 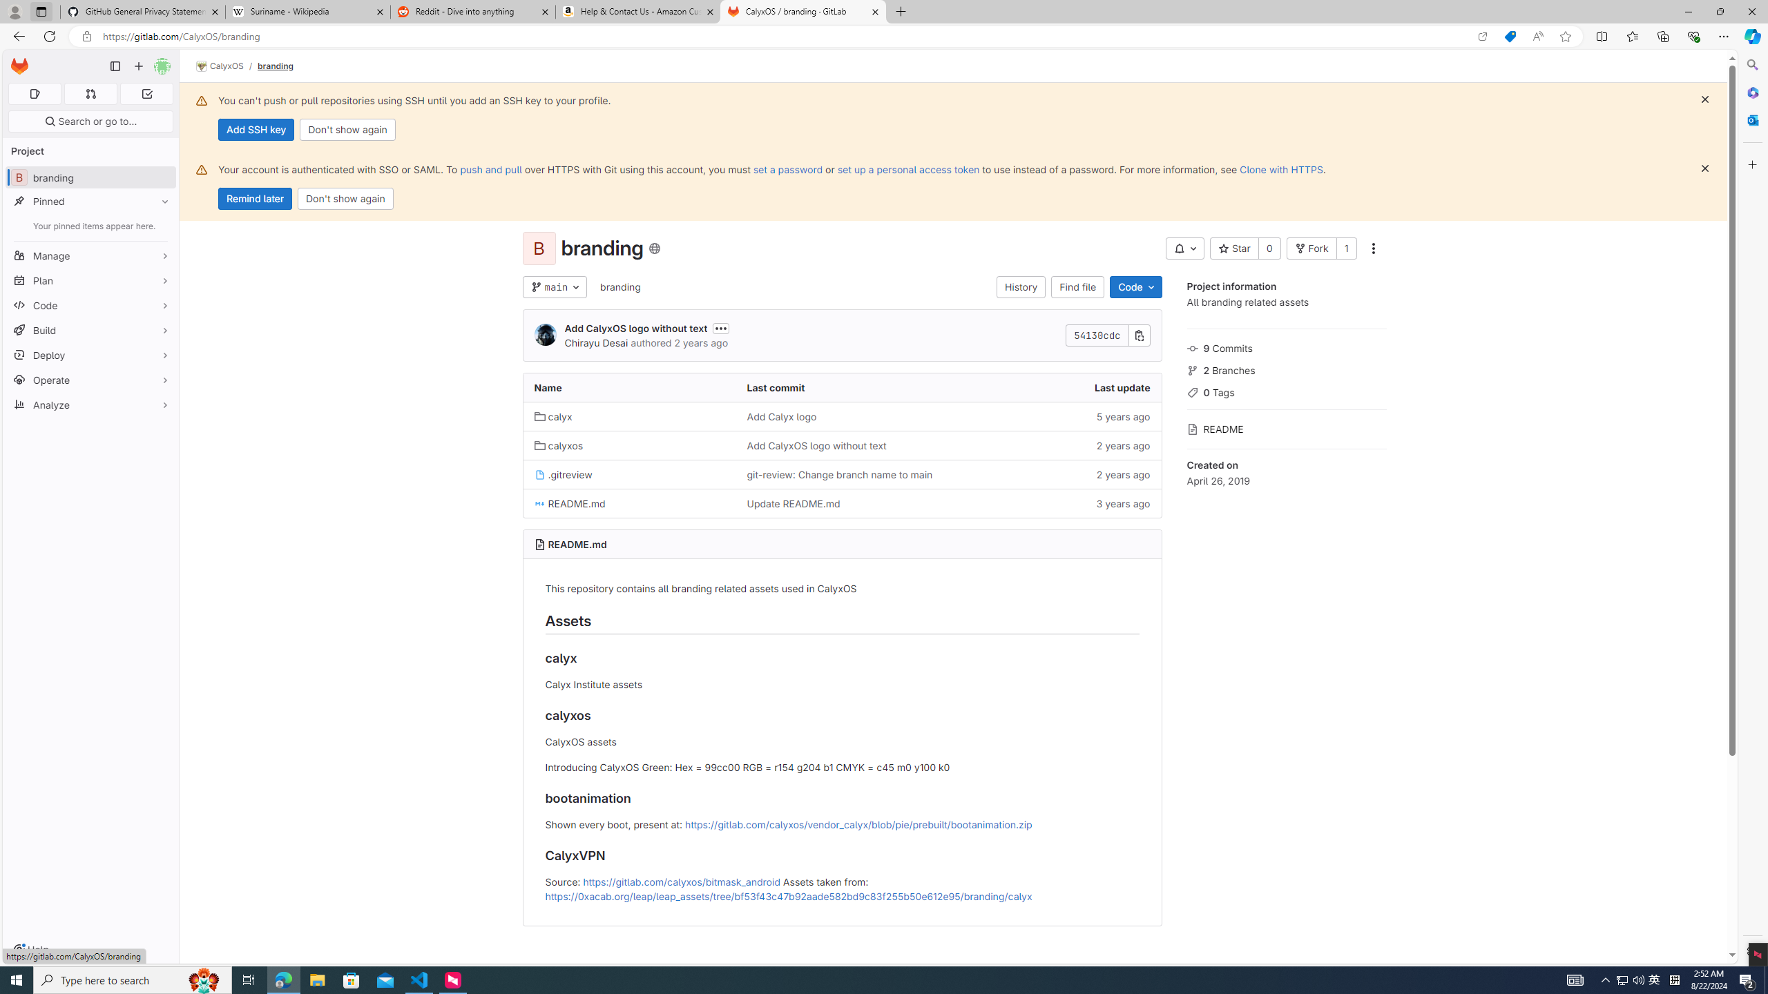 I want to click on 'Analyze', so click(x=90, y=404).